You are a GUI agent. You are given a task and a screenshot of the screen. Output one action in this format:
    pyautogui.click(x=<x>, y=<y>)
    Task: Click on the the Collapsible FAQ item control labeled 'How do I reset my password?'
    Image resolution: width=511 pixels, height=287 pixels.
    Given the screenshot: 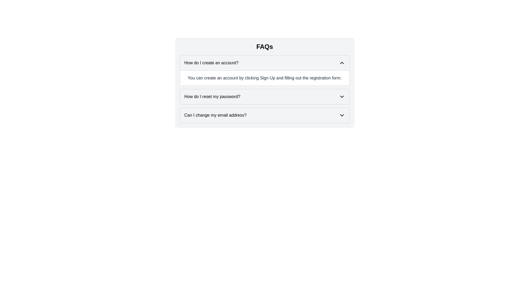 What is the action you would take?
    pyautogui.click(x=265, y=96)
    